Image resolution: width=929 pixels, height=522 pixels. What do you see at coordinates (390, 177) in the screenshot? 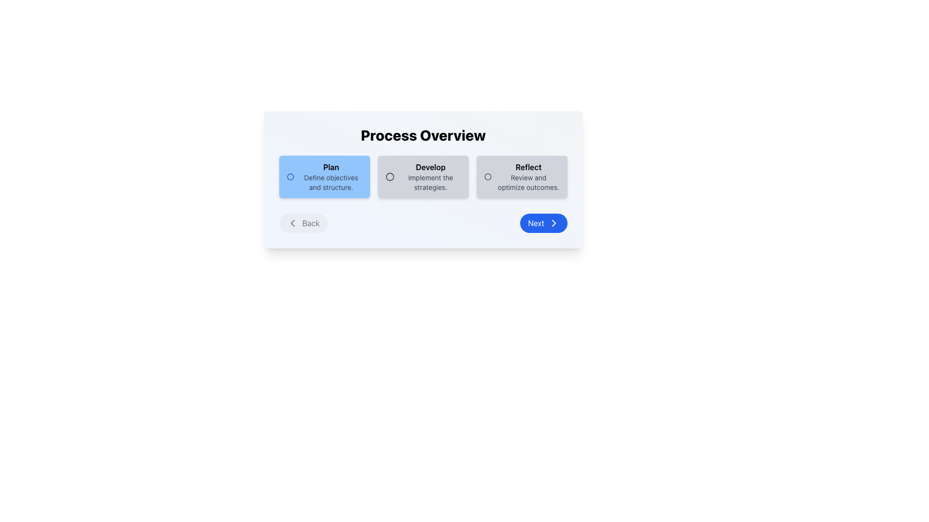
I see `the SVG Circle Element located in the center of the 'Develop' section` at bounding box center [390, 177].